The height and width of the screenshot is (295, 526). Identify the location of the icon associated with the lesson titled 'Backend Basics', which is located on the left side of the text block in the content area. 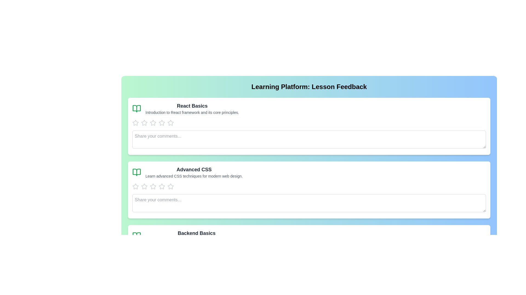
(137, 236).